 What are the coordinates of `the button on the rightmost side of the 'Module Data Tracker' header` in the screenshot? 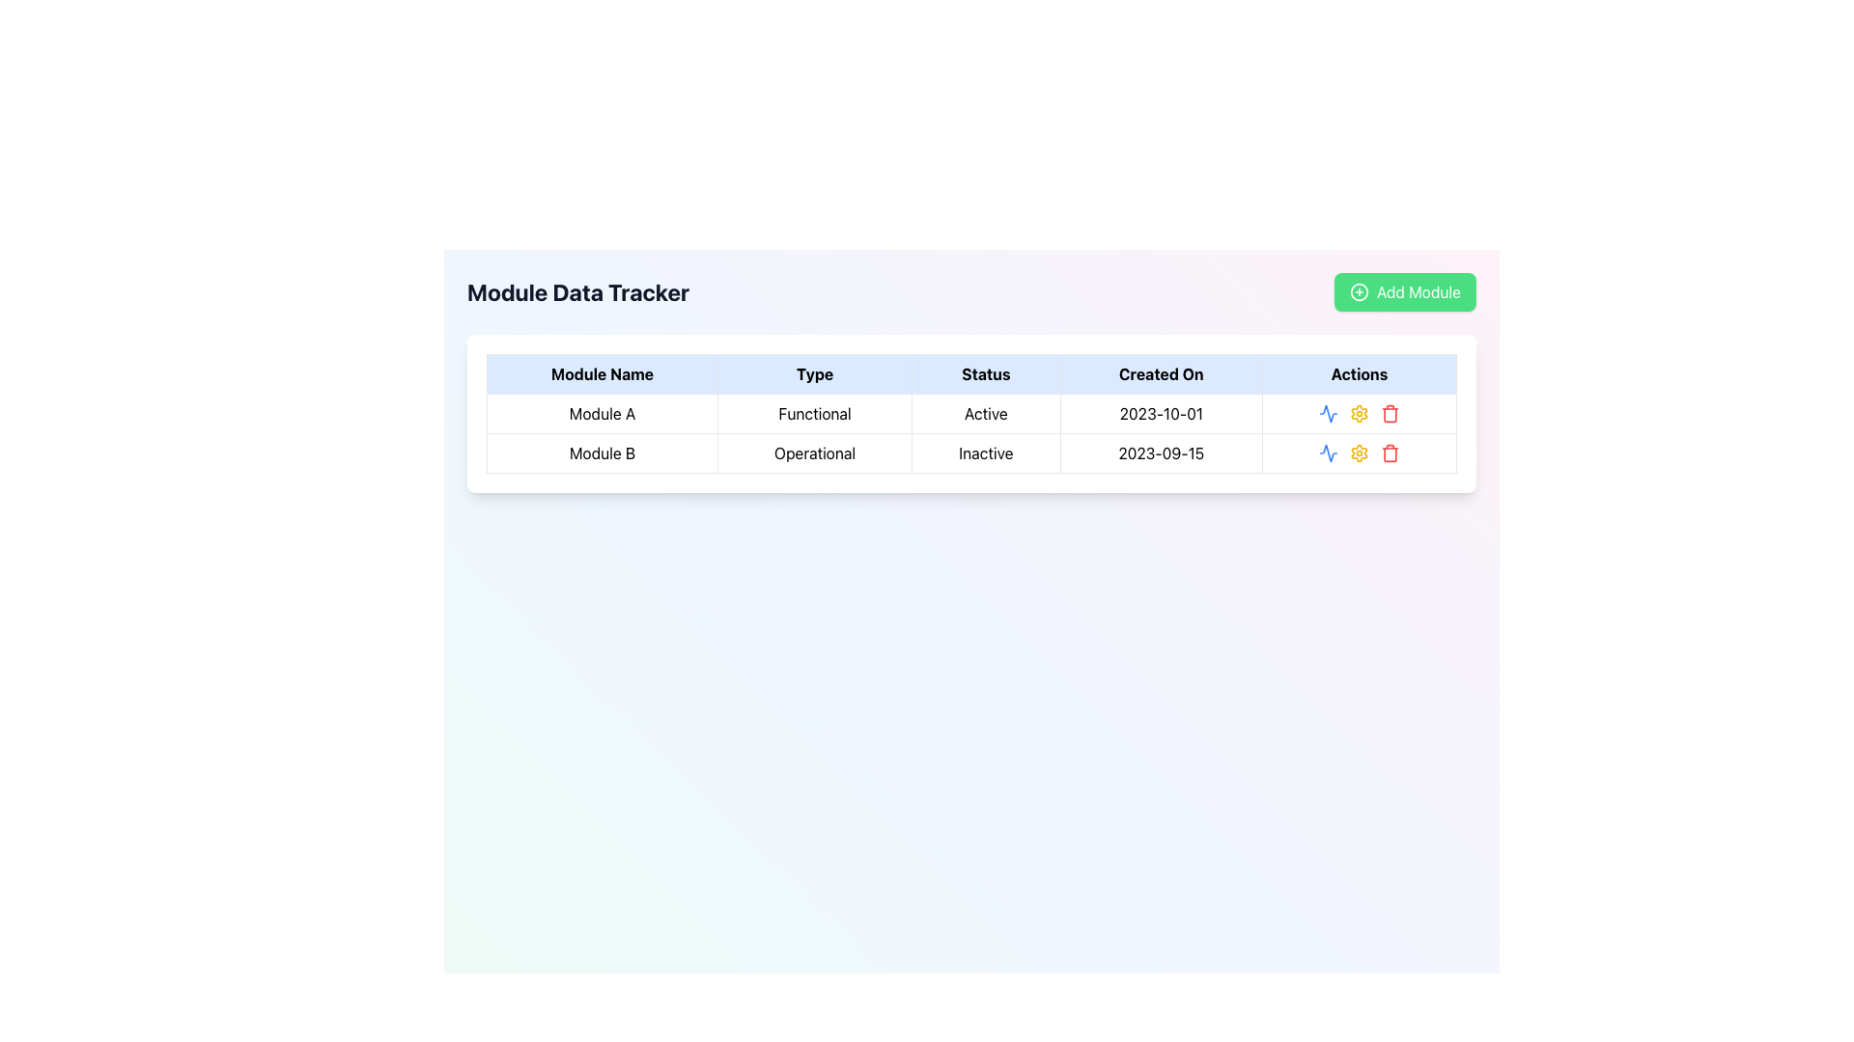 It's located at (1405, 292).